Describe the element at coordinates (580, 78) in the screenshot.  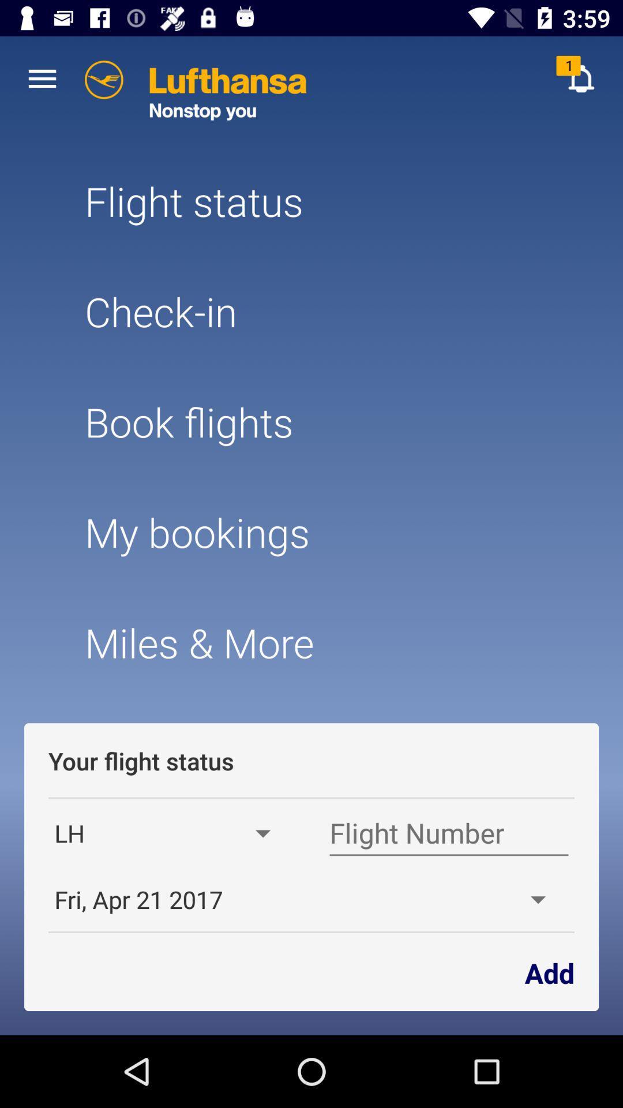
I see `icon at the top right corner` at that location.